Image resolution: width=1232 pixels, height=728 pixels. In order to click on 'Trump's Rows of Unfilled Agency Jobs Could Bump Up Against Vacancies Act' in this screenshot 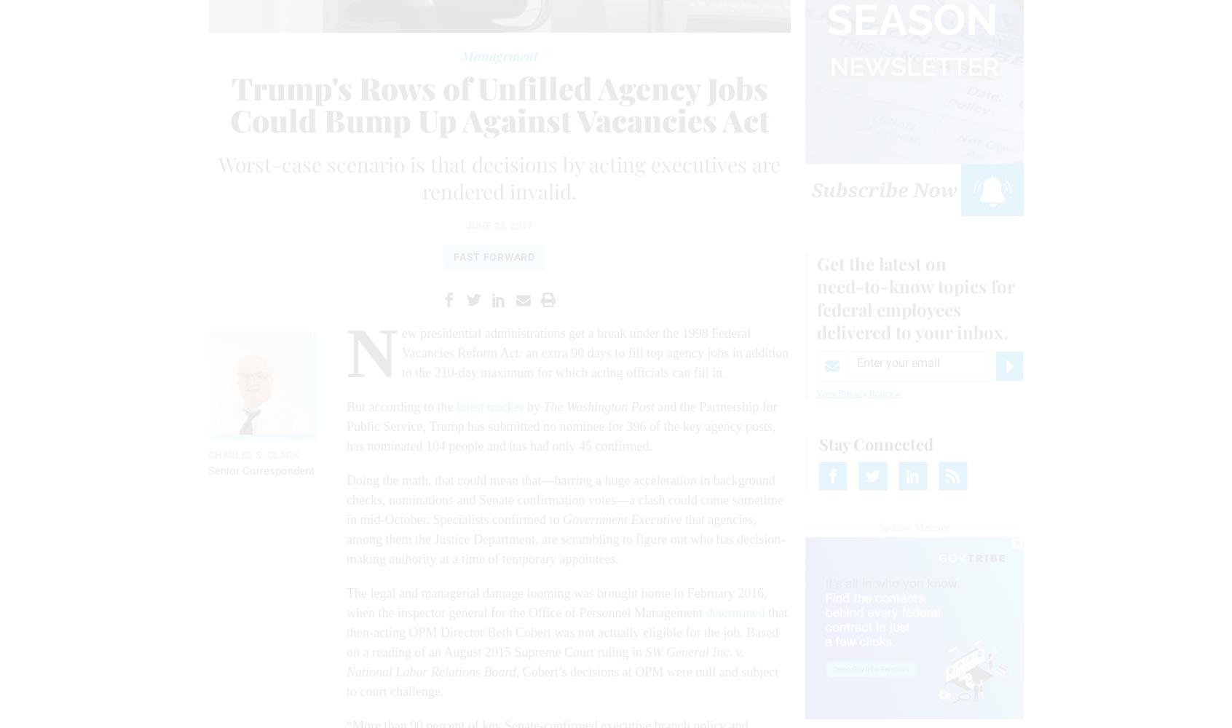, I will do `click(229, 103)`.